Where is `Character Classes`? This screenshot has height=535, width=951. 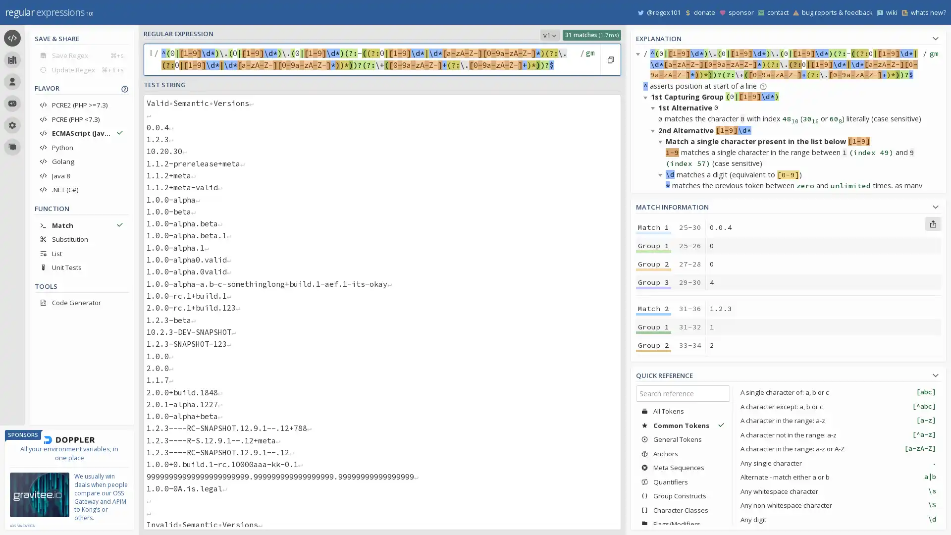
Character Classes is located at coordinates (682, 510).